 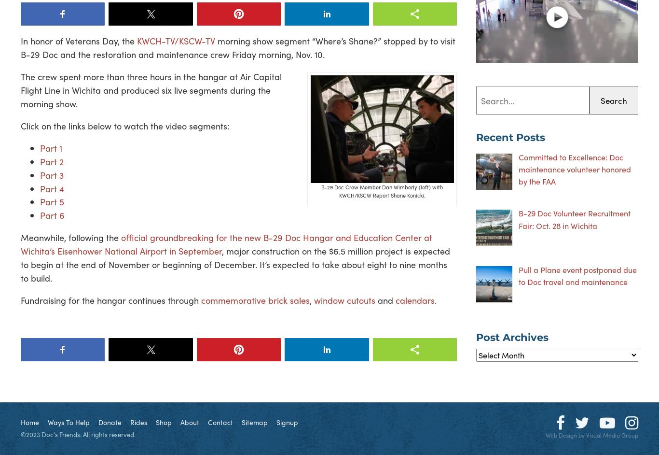 What do you see at coordinates (40, 201) in the screenshot?
I see `'Part 5'` at bounding box center [40, 201].